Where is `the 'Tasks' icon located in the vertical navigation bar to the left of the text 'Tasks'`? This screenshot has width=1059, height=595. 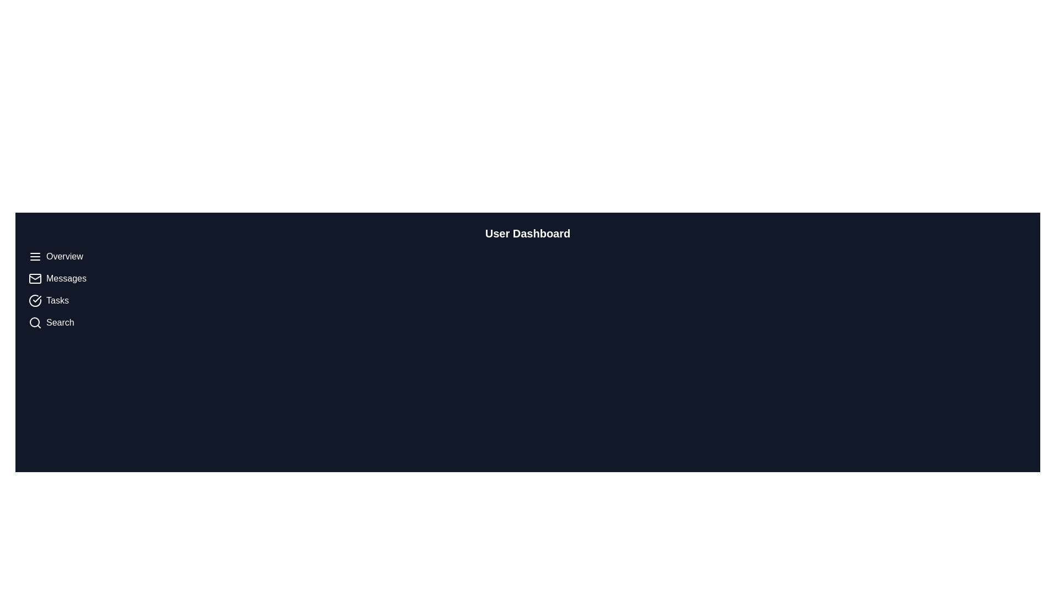
the 'Tasks' icon located in the vertical navigation bar to the left of the text 'Tasks' is located at coordinates (35, 301).